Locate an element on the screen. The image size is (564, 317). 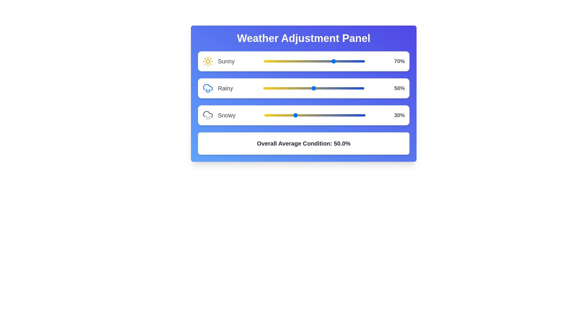
the 'Sunny' icon, which is a small circular shape within a bright yellow sun-like icon, positioned at the top of the vertical list of weather condition sliders is located at coordinates (208, 61).